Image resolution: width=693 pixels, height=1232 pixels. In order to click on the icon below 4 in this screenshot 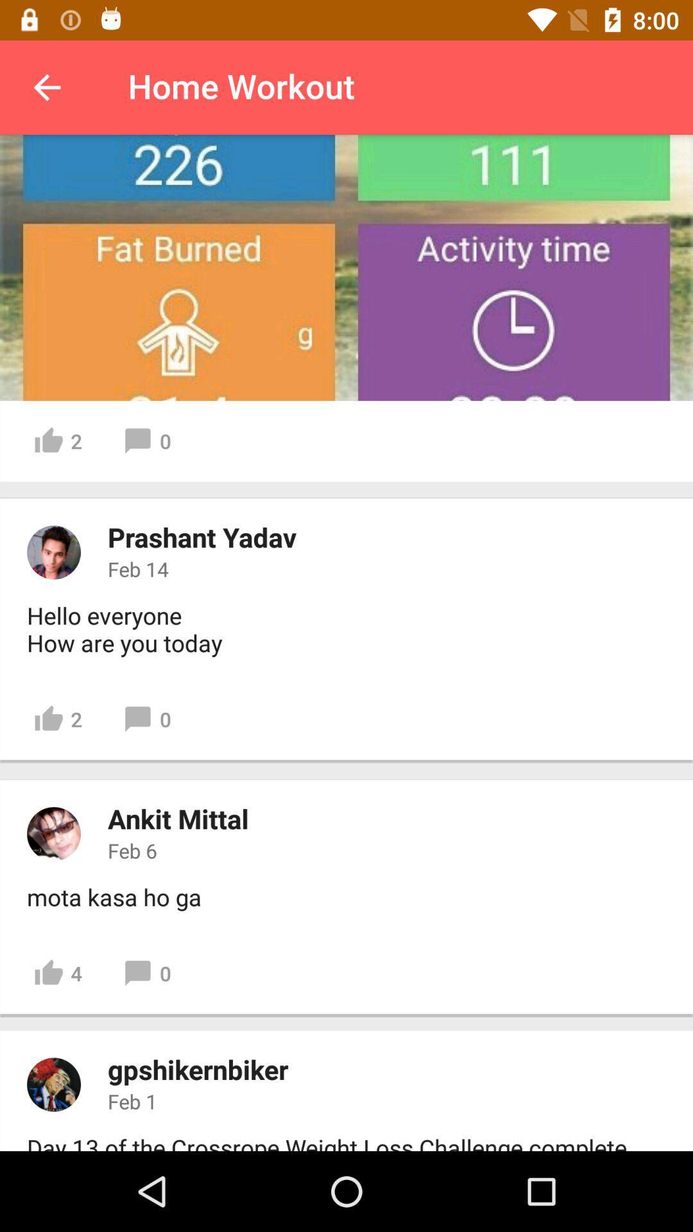, I will do `click(198, 1069)`.